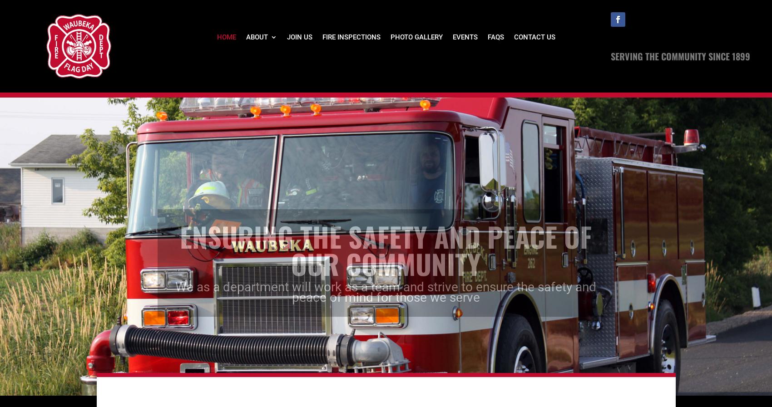 This screenshot has width=772, height=407. I want to click on 'We as a department will work as a team and strive to ensure the safety and peace of mind for those we serve', so click(175, 275).